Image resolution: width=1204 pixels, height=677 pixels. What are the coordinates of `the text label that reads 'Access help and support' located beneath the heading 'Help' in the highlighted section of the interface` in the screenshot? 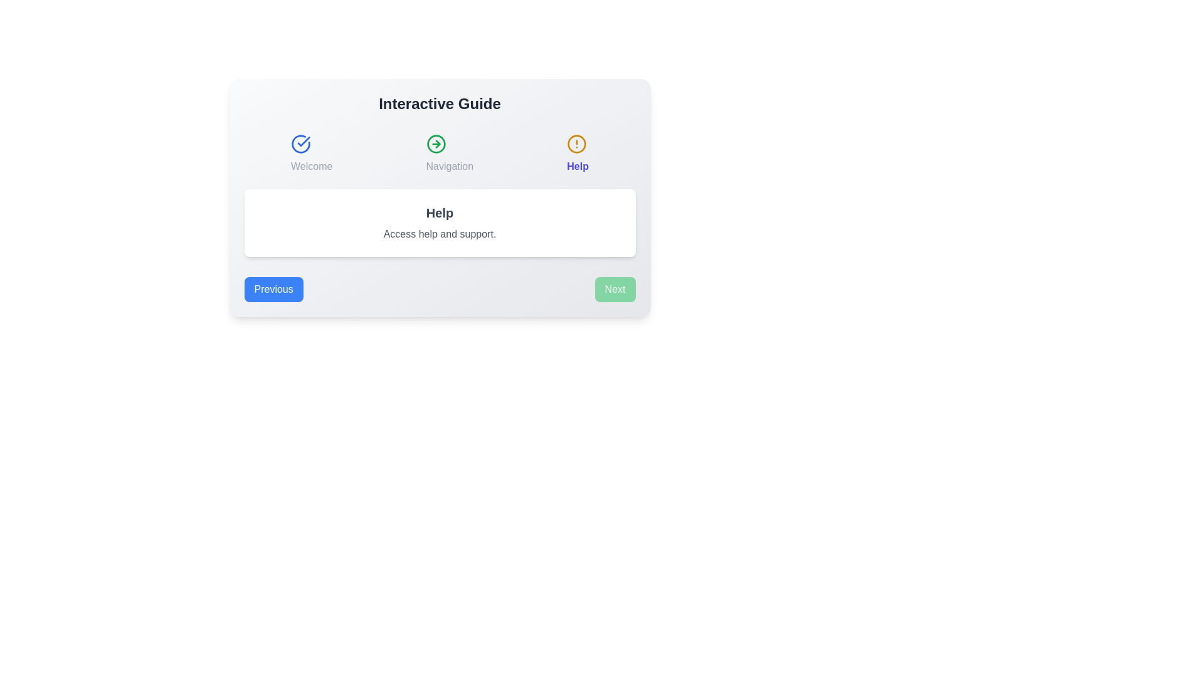 It's located at (440, 234).